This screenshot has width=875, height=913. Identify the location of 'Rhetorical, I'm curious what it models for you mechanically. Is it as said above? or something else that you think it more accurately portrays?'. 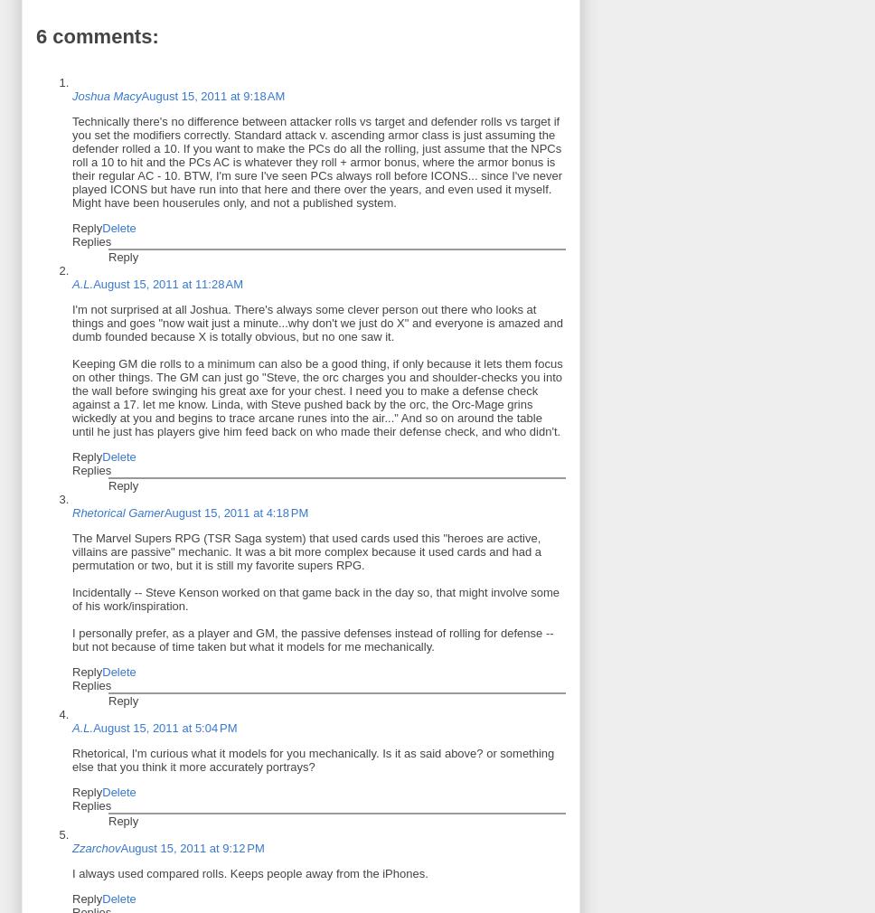
(71, 759).